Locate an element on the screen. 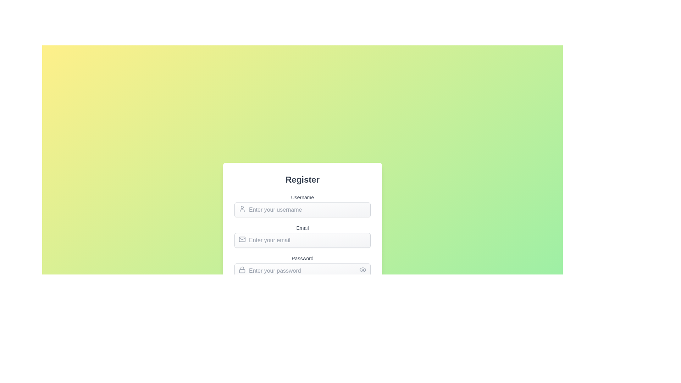 The height and width of the screenshot is (383, 681). the user profile silhouette icon located within the 'Username' input field is located at coordinates (242, 209).